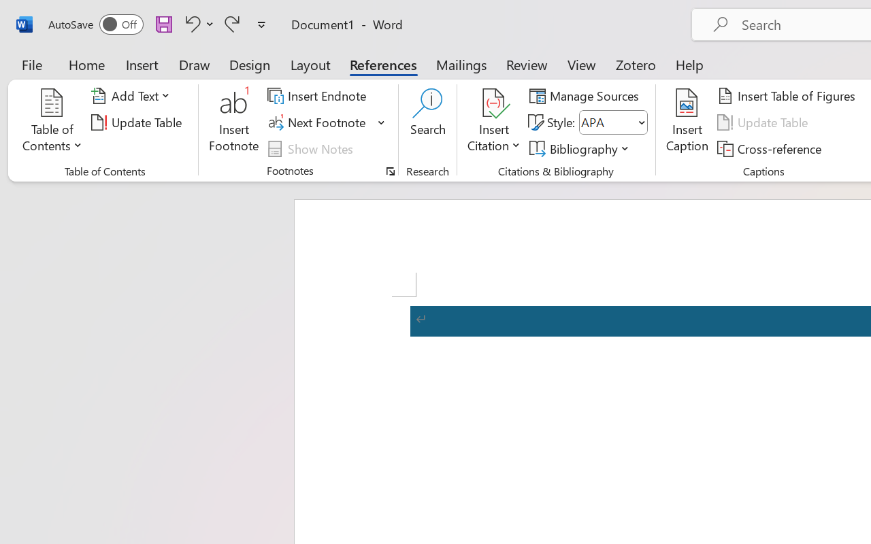  Describe the element at coordinates (772, 148) in the screenshot. I see `'Cross-reference...'` at that location.